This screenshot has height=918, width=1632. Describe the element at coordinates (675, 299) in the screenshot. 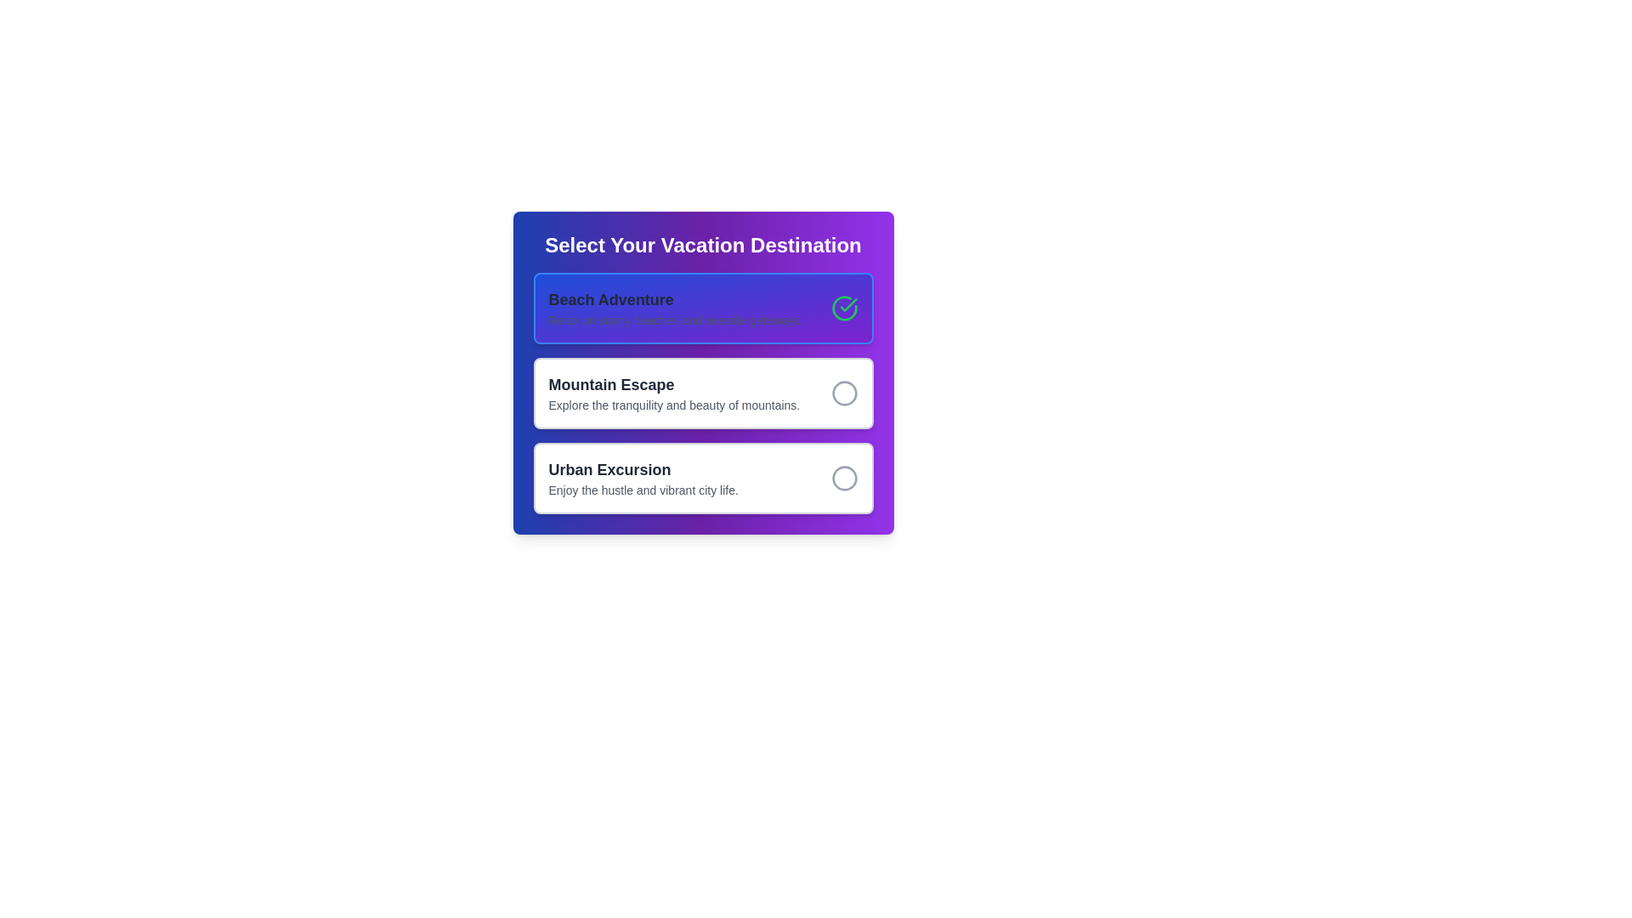

I see `the title text display element that describes the vacation option` at that location.